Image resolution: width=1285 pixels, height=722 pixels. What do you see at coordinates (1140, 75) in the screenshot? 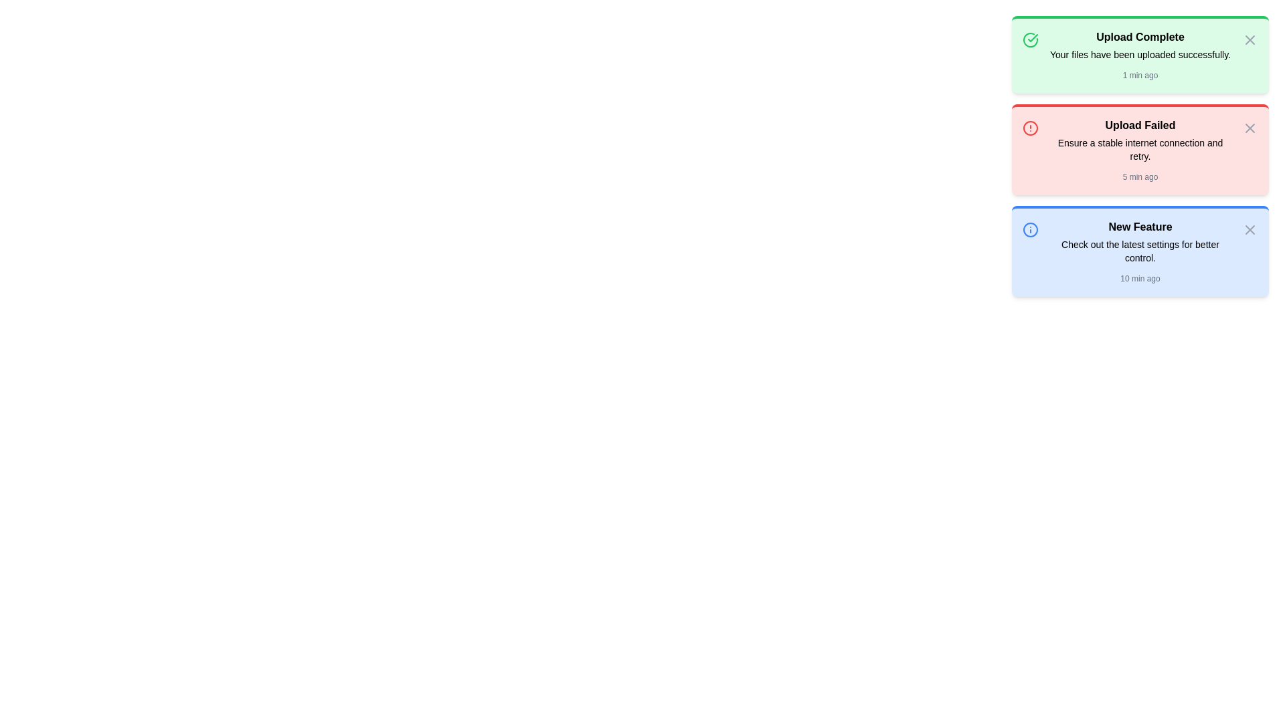
I see `the Timestamp label displaying '1 min ago' in gray font, which is positioned at the bottom-right of the 'Upload Complete' notification card` at bounding box center [1140, 75].